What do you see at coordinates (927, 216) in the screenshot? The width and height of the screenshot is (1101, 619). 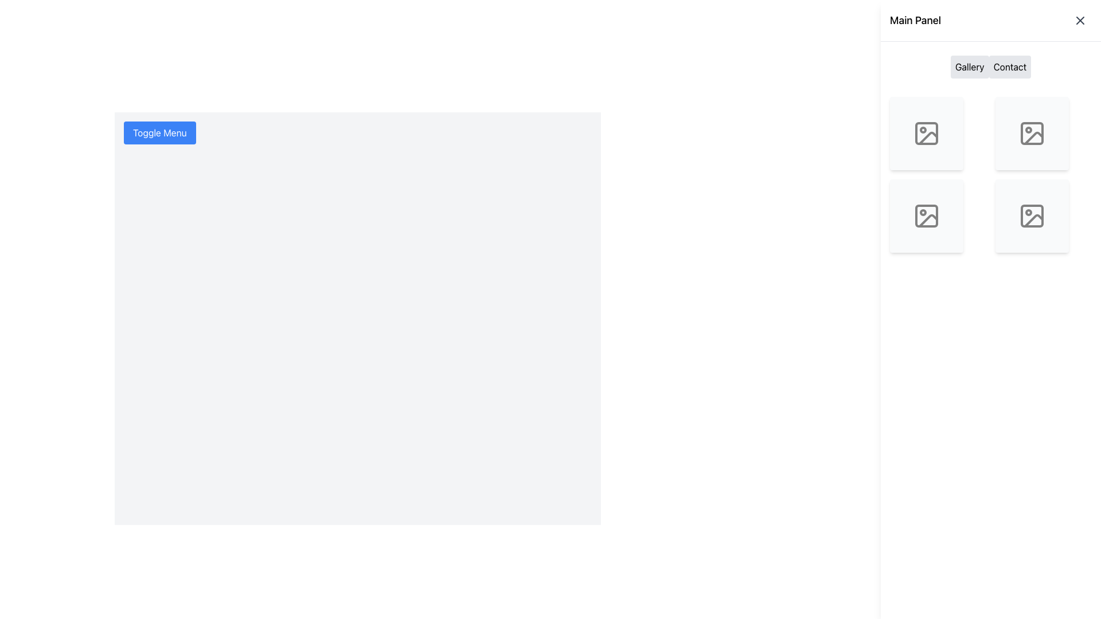 I see `the image placeholder icon located in the bottom-left cell of a 2x2 grid in the 'Gallery' section of the 'Main Panel'` at bounding box center [927, 216].